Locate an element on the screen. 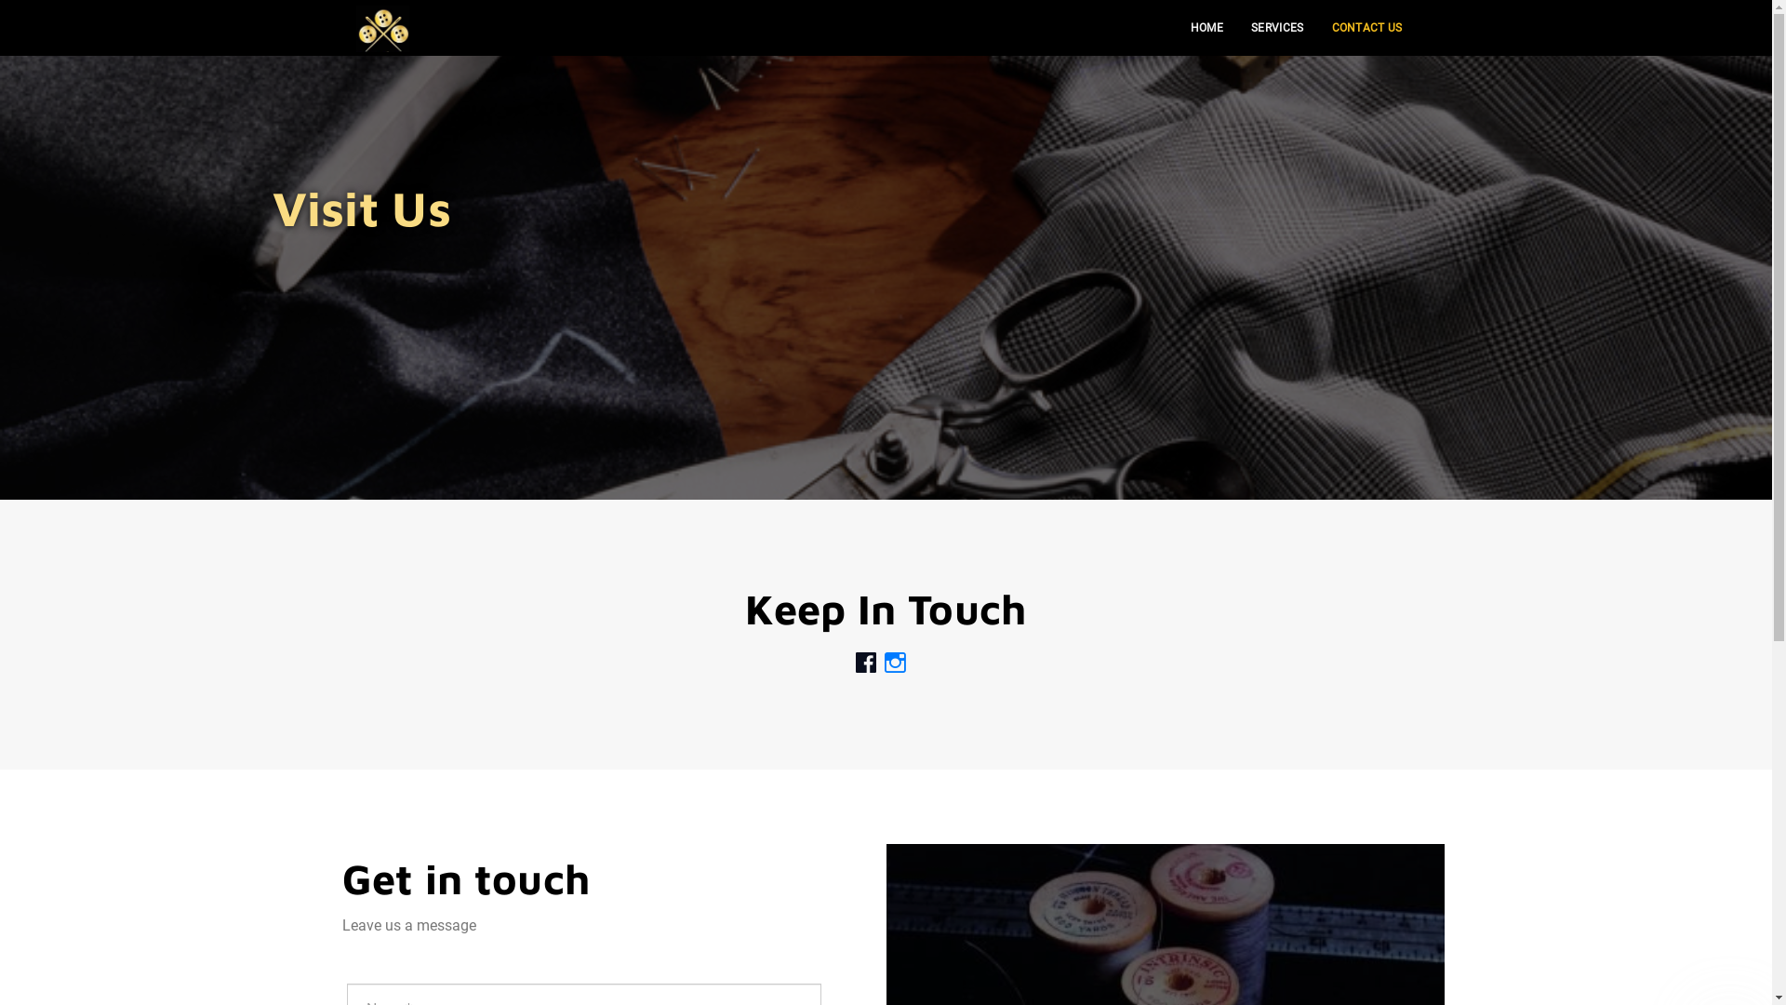  'SERVICES' is located at coordinates (1275, 28).